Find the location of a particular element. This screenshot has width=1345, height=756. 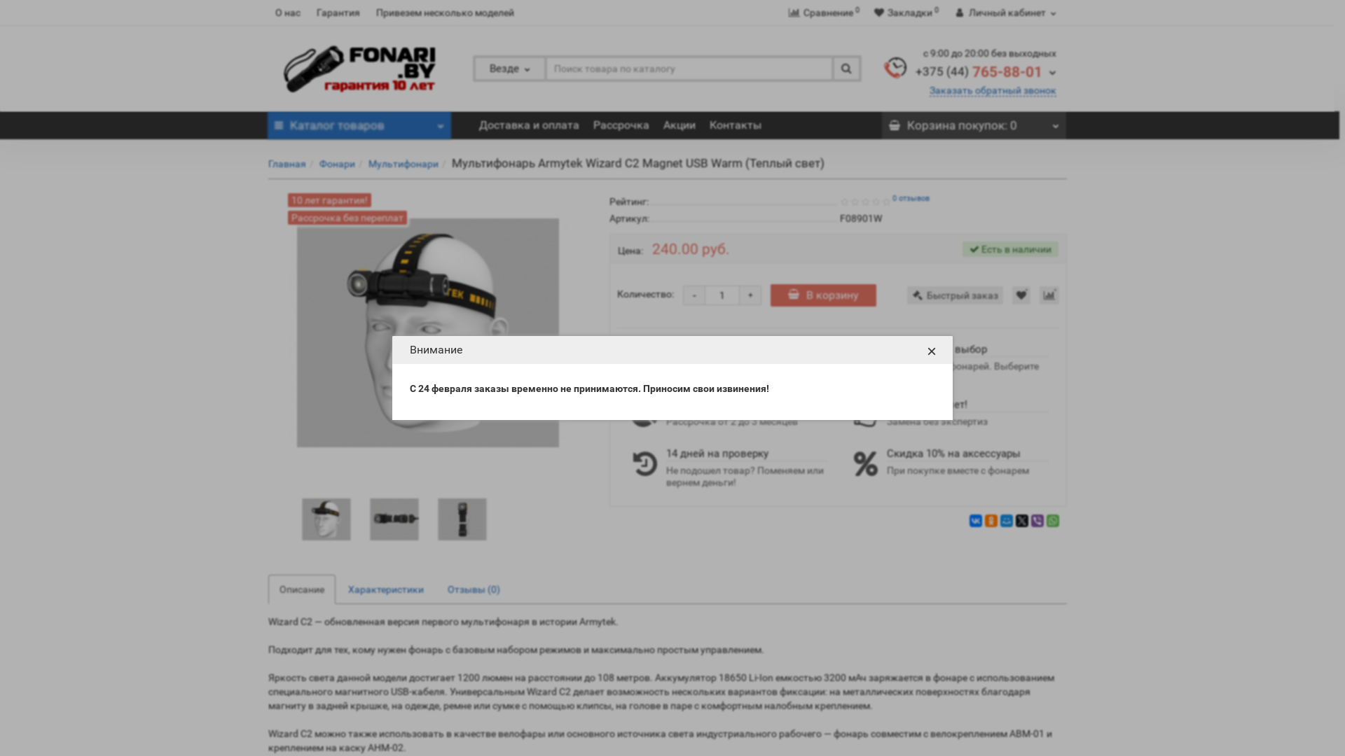

'Twitter' is located at coordinates (1022, 521).